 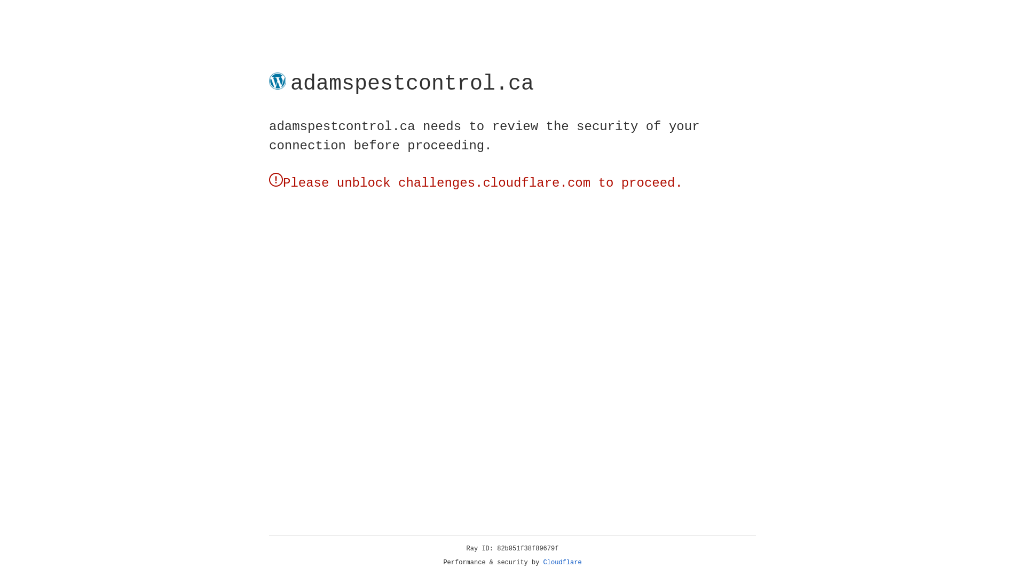 What do you see at coordinates (562, 562) in the screenshot?
I see `'Cloudflare'` at bounding box center [562, 562].